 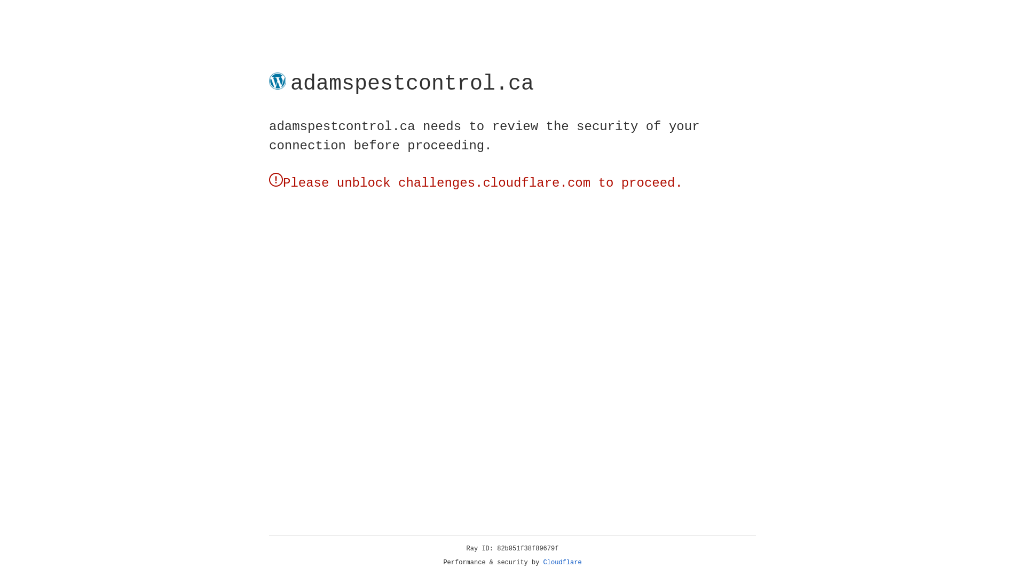 What do you see at coordinates (562, 562) in the screenshot?
I see `'Cloudflare'` at bounding box center [562, 562].